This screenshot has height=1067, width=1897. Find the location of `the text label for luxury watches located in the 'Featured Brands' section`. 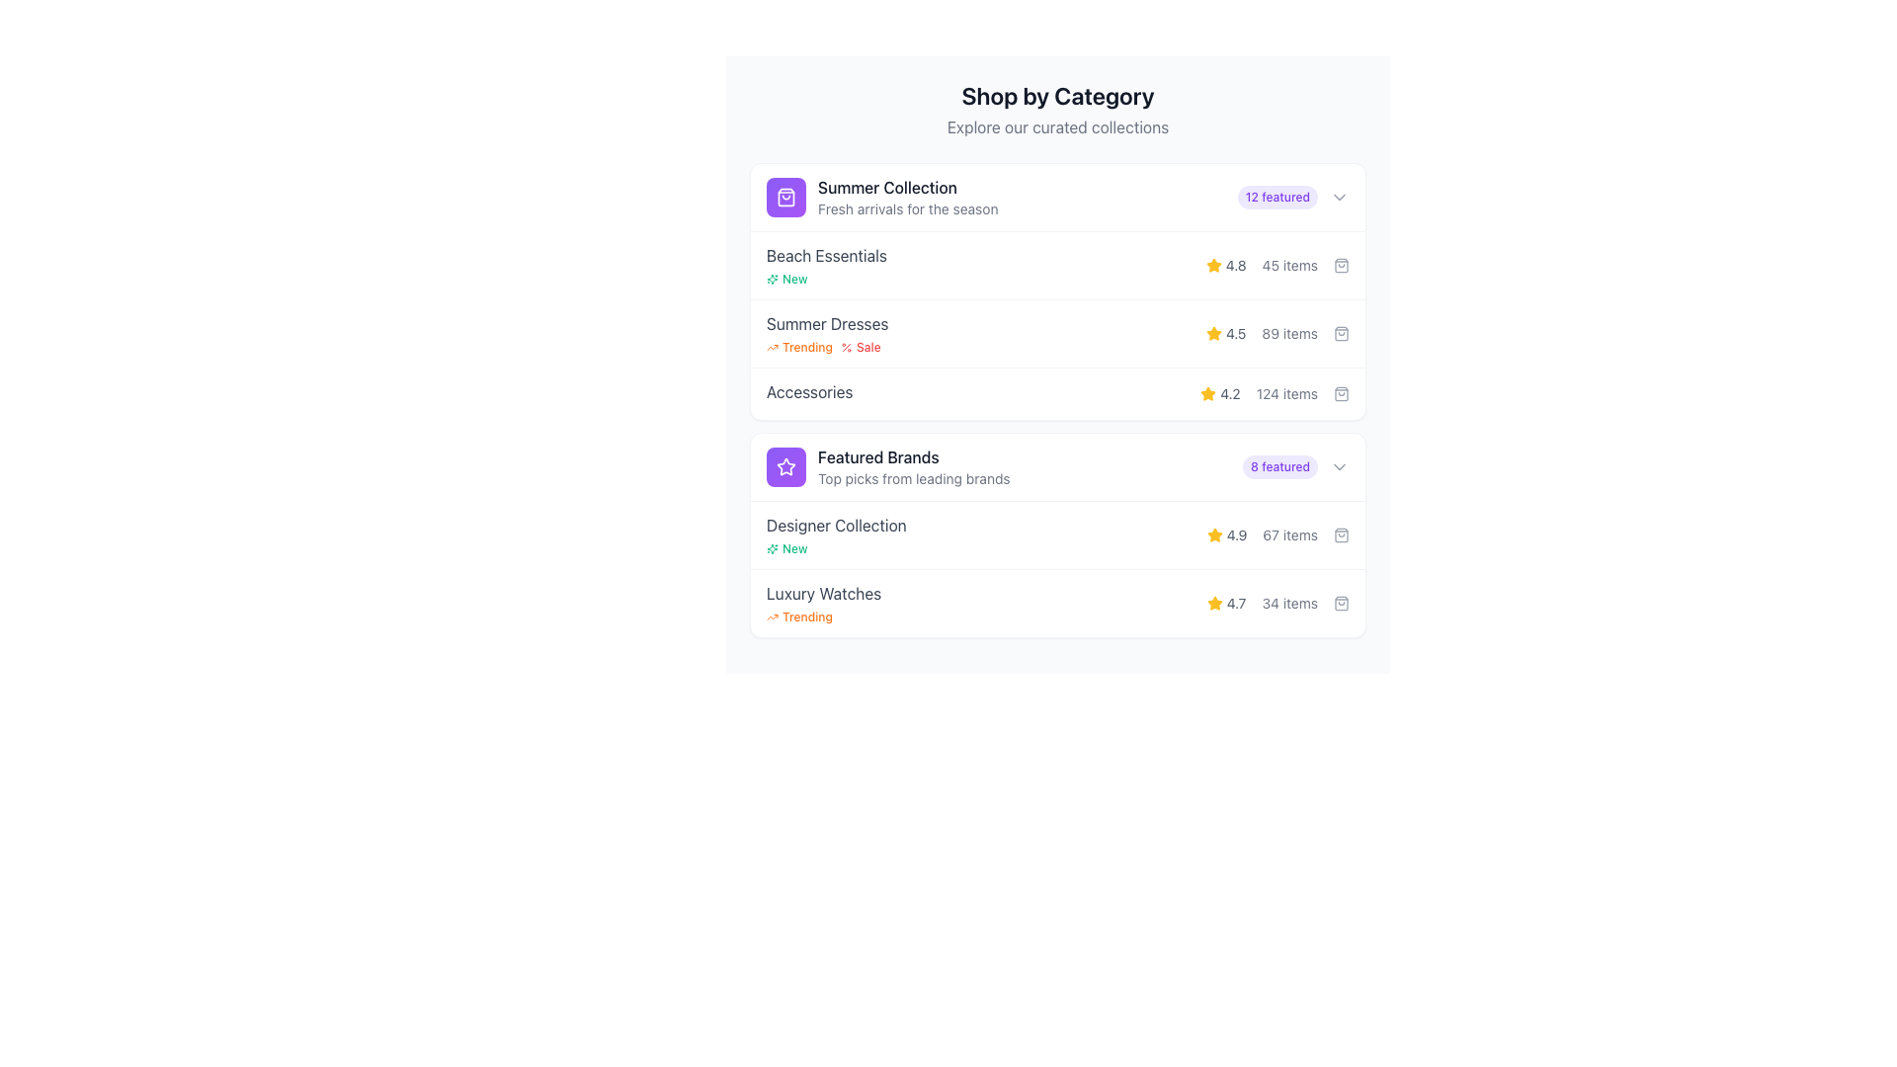

the text label for luxury watches located in the 'Featured Brands' section is located at coordinates (824, 593).